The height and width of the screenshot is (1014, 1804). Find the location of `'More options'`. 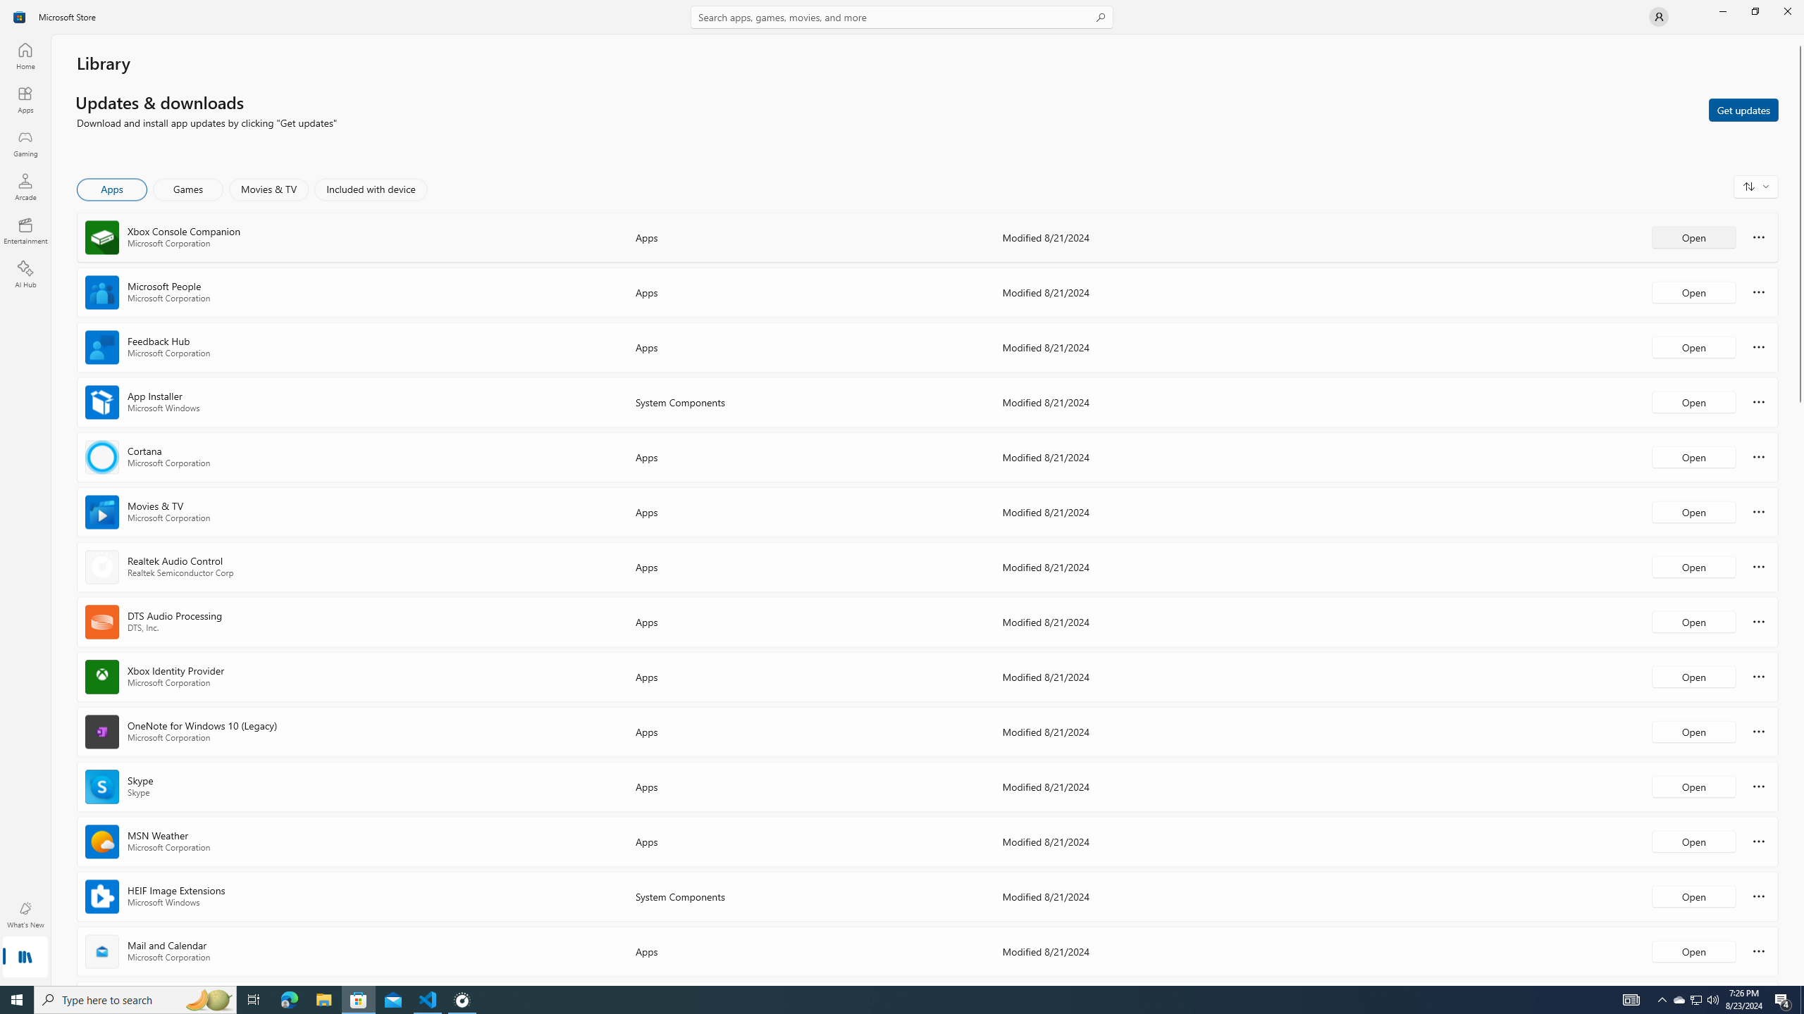

'More options' is located at coordinates (1758, 950).